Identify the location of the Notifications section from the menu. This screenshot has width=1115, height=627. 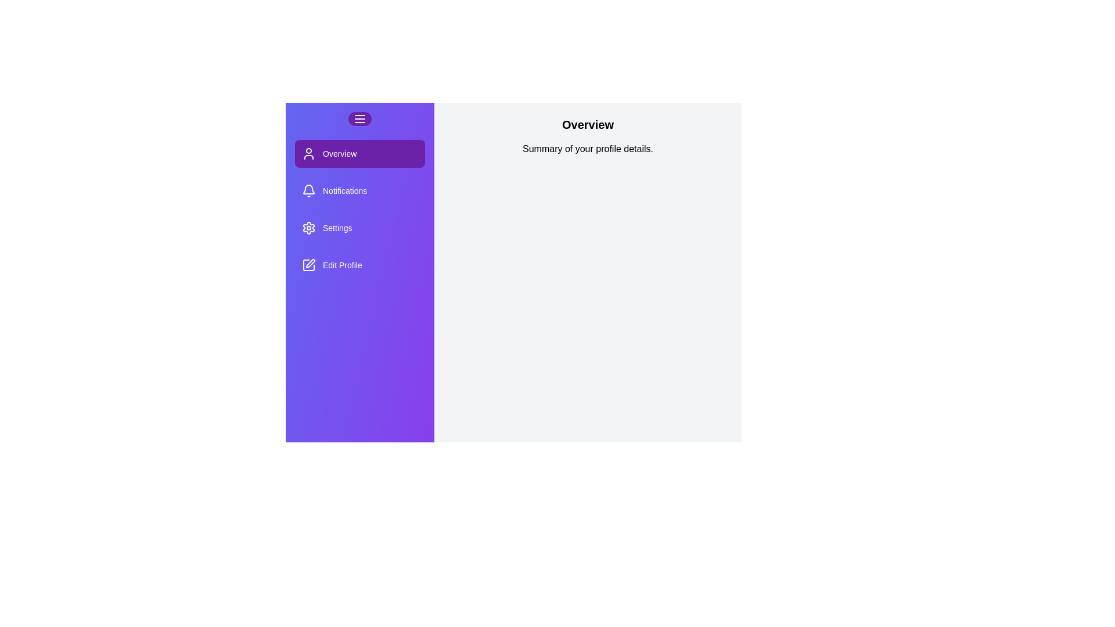
(359, 190).